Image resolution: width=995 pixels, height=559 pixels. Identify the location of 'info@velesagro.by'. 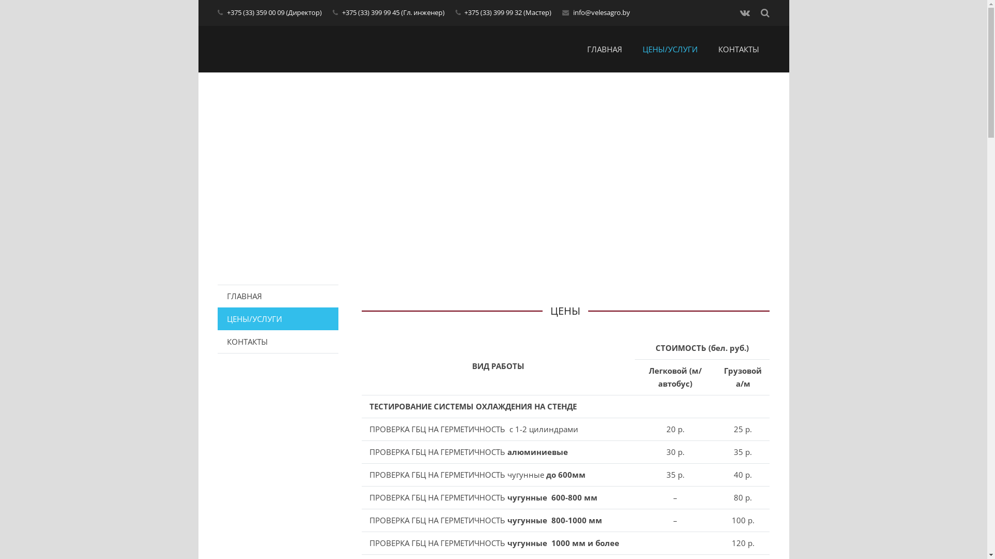
(602, 12).